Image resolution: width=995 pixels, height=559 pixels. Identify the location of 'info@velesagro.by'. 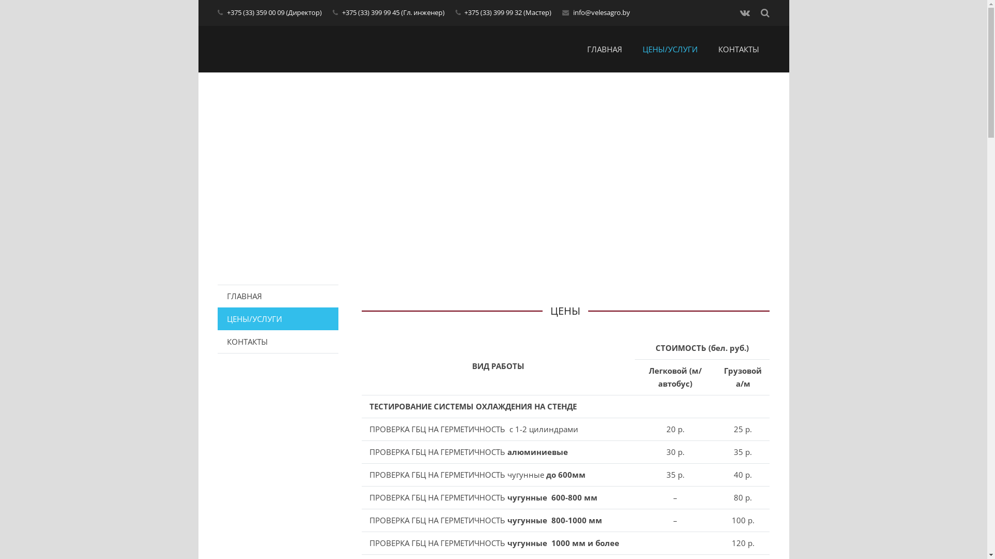
(602, 12).